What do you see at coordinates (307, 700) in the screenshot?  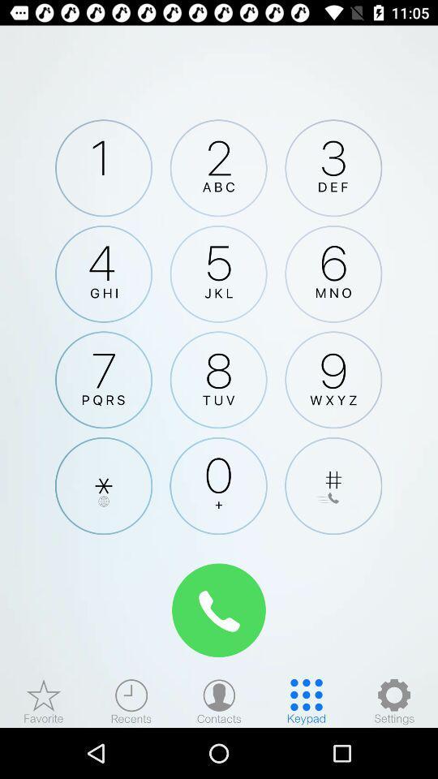 I see `the dialpad icon` at bounding box center [307, 700].